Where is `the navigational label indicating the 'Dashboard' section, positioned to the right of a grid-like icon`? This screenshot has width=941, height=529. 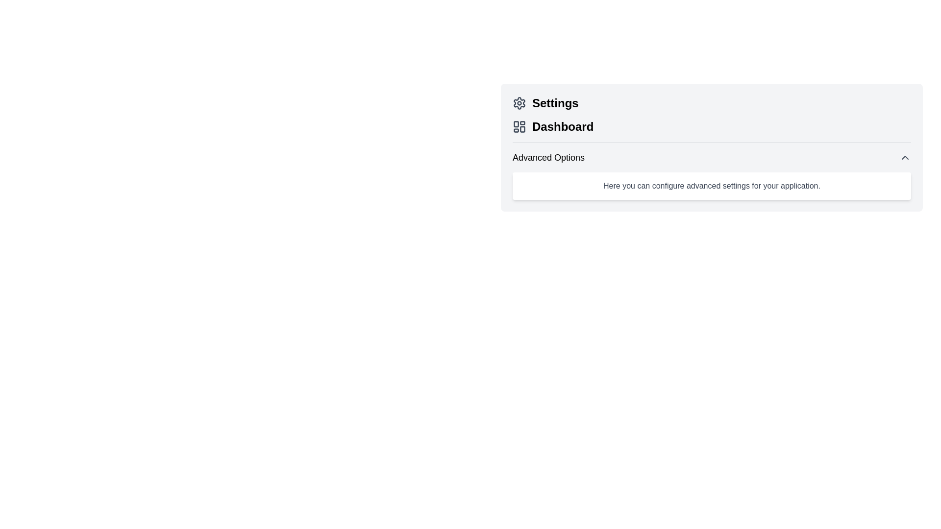
the navigational label indicating the 'Dashboard' section, positioned to the right of a grid-like icon is located at coordinates (563, 126).